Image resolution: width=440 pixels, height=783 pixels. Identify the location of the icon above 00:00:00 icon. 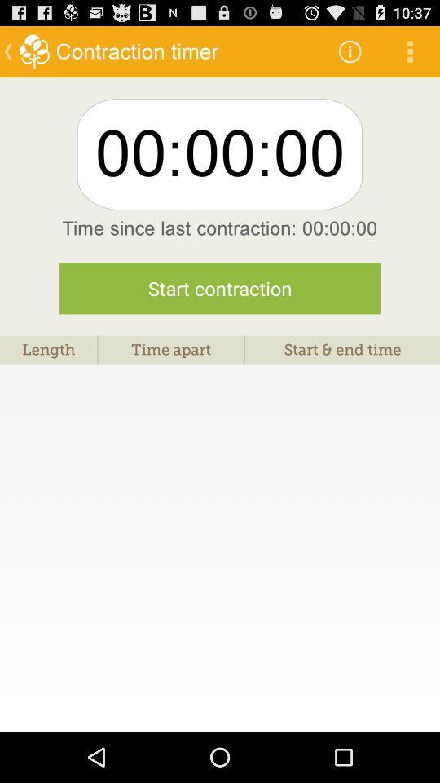
(349, 51).